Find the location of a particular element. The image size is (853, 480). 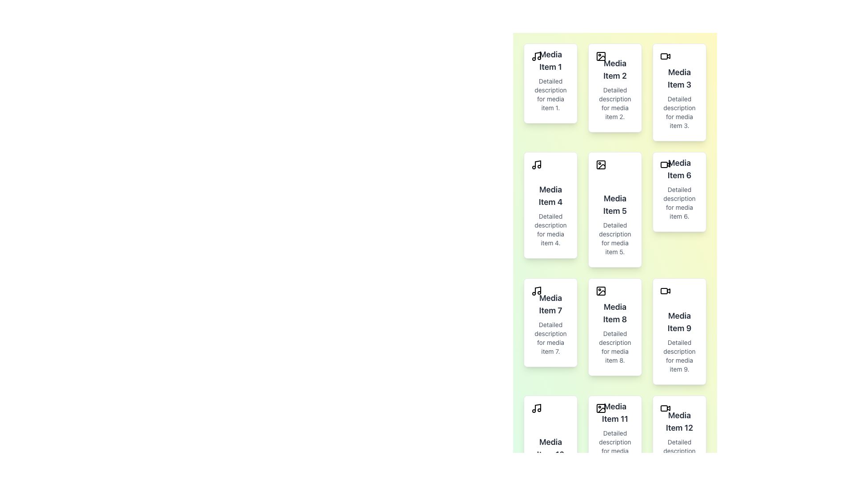

the static text label displaying 'Media Item 10' in bold at the bottom-left corner of the grid structure is located at coordinates (550, 448).